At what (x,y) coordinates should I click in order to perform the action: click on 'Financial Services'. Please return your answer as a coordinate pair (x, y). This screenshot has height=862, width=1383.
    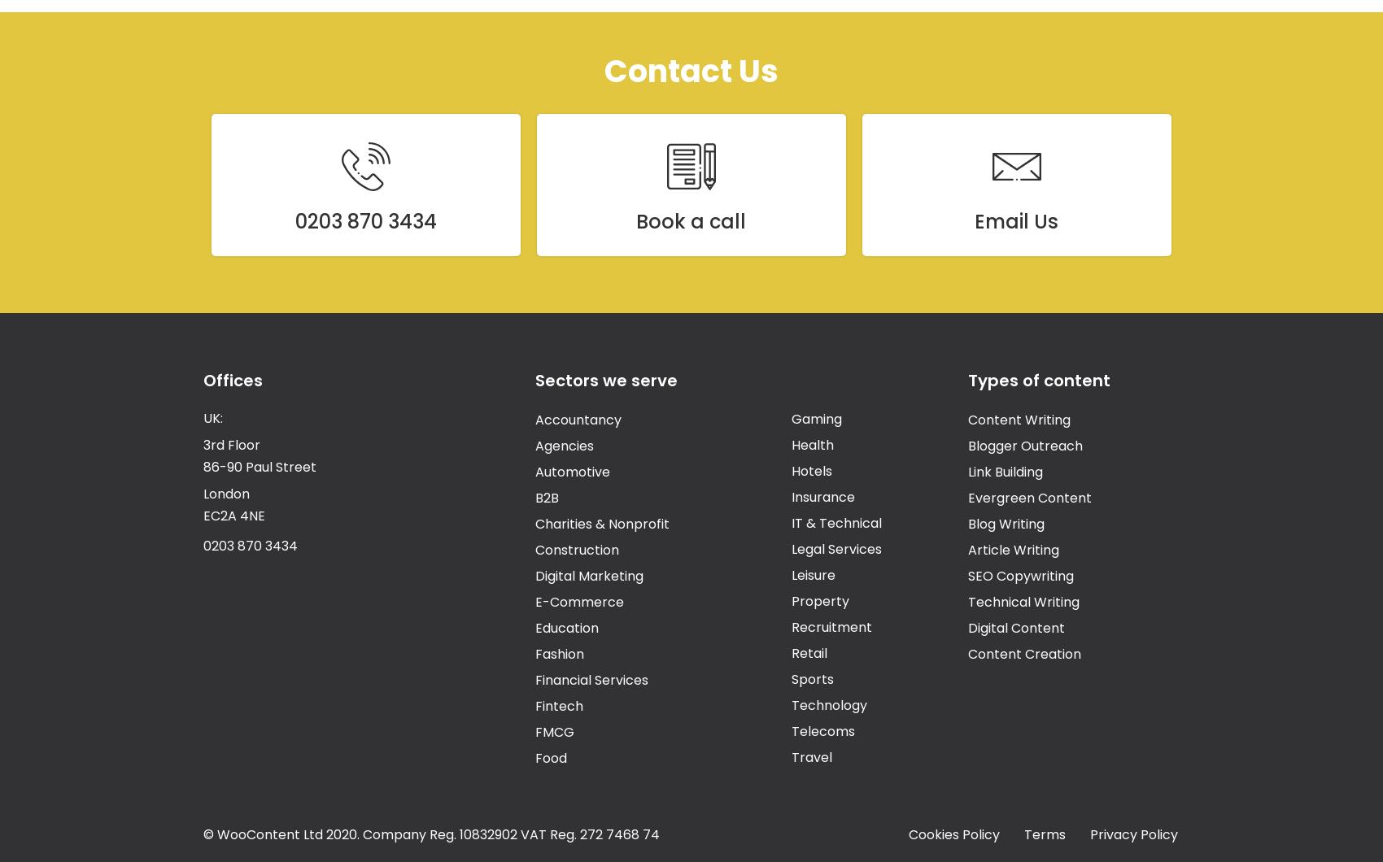
    Looking at the image, I should click on (534, 679).